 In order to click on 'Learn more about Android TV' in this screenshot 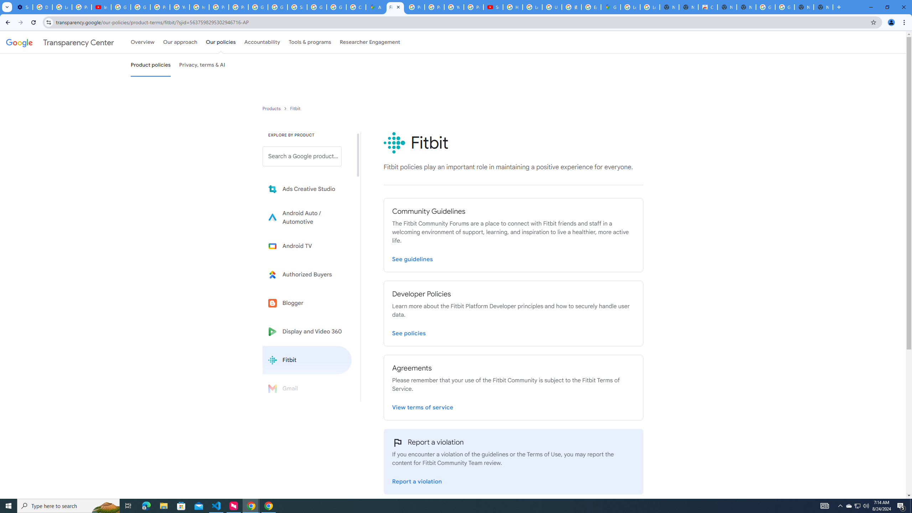, I will do `click(307, 246)`.